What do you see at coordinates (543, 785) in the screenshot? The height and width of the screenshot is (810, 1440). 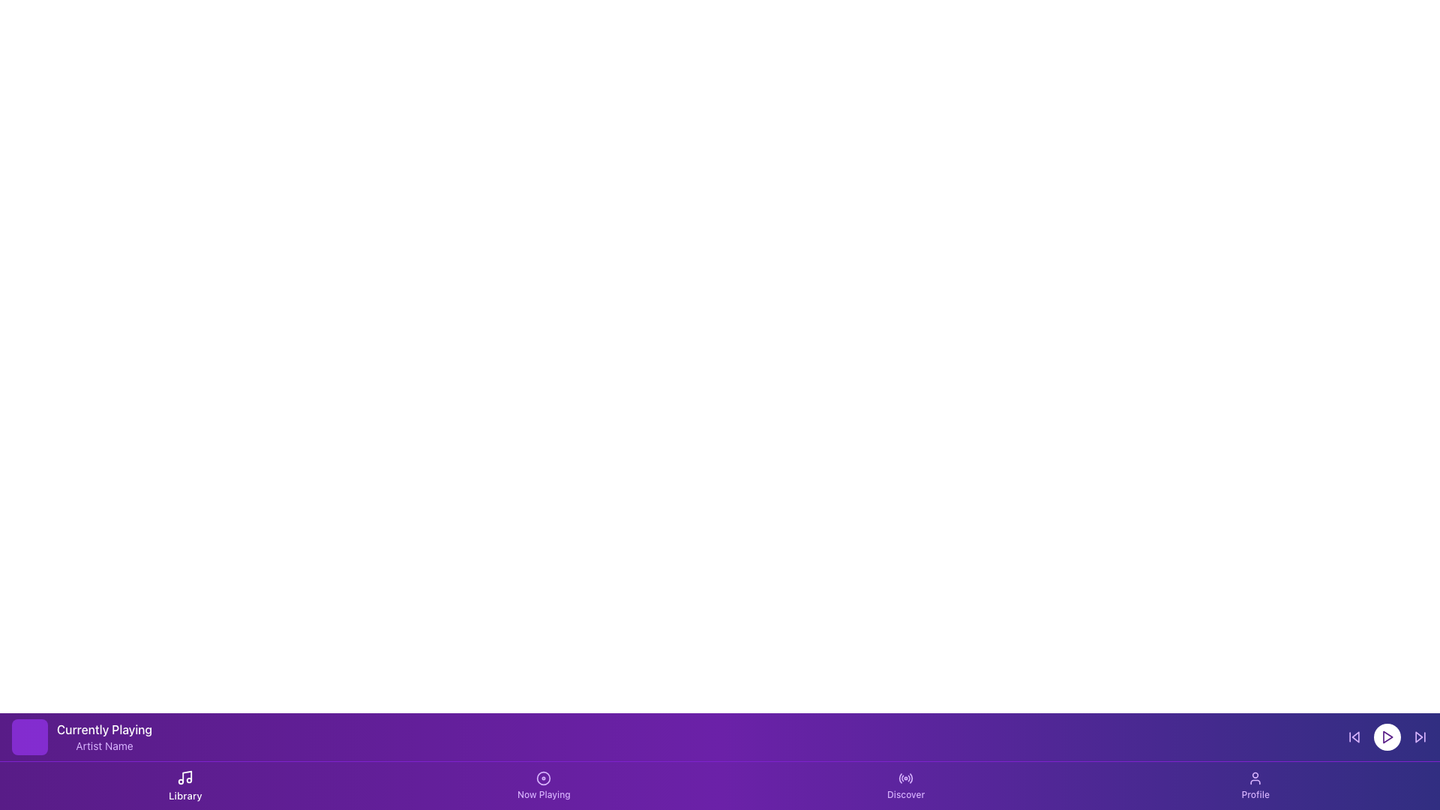 I see `the Clickable Icon-Text Button located in the bottom navigation bar, positioned between the 'Library' and 'Discover' options` at bounding box center [543, 785].